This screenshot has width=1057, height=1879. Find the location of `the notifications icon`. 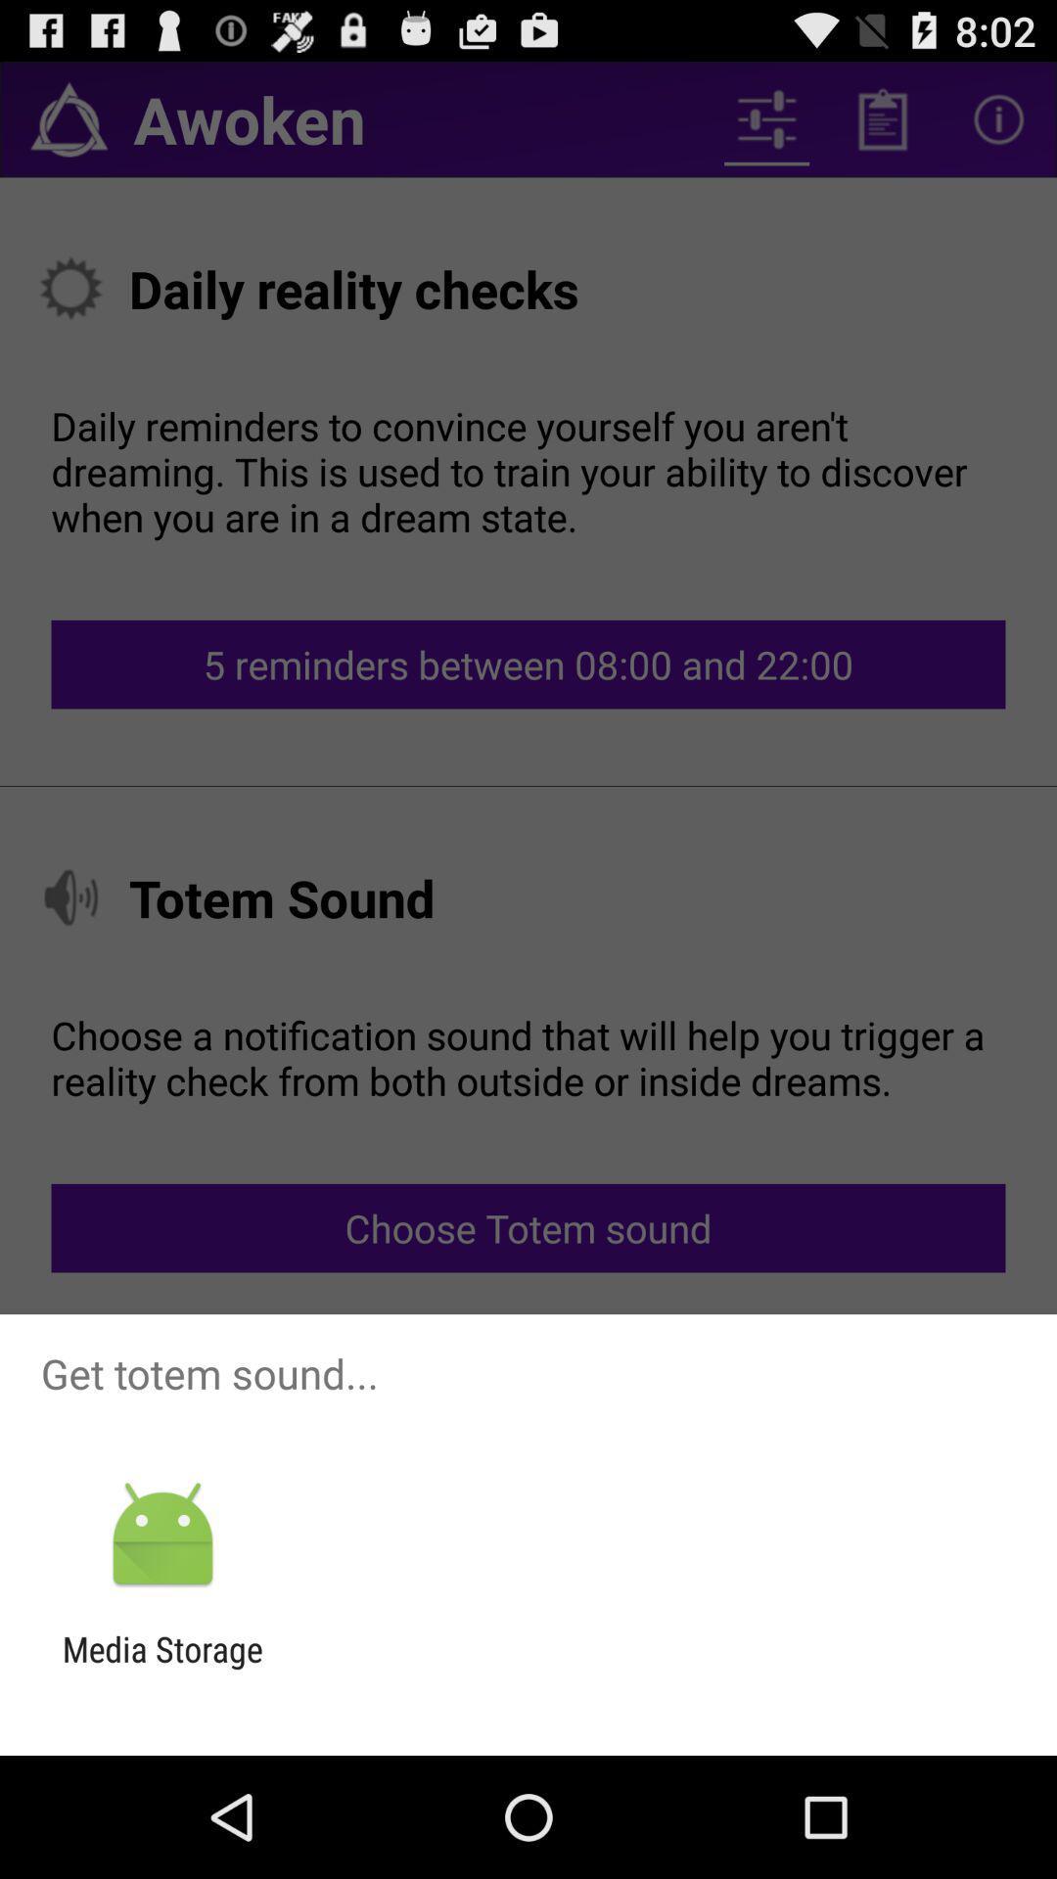

the notifications icon is located at coordinates (68, 126).